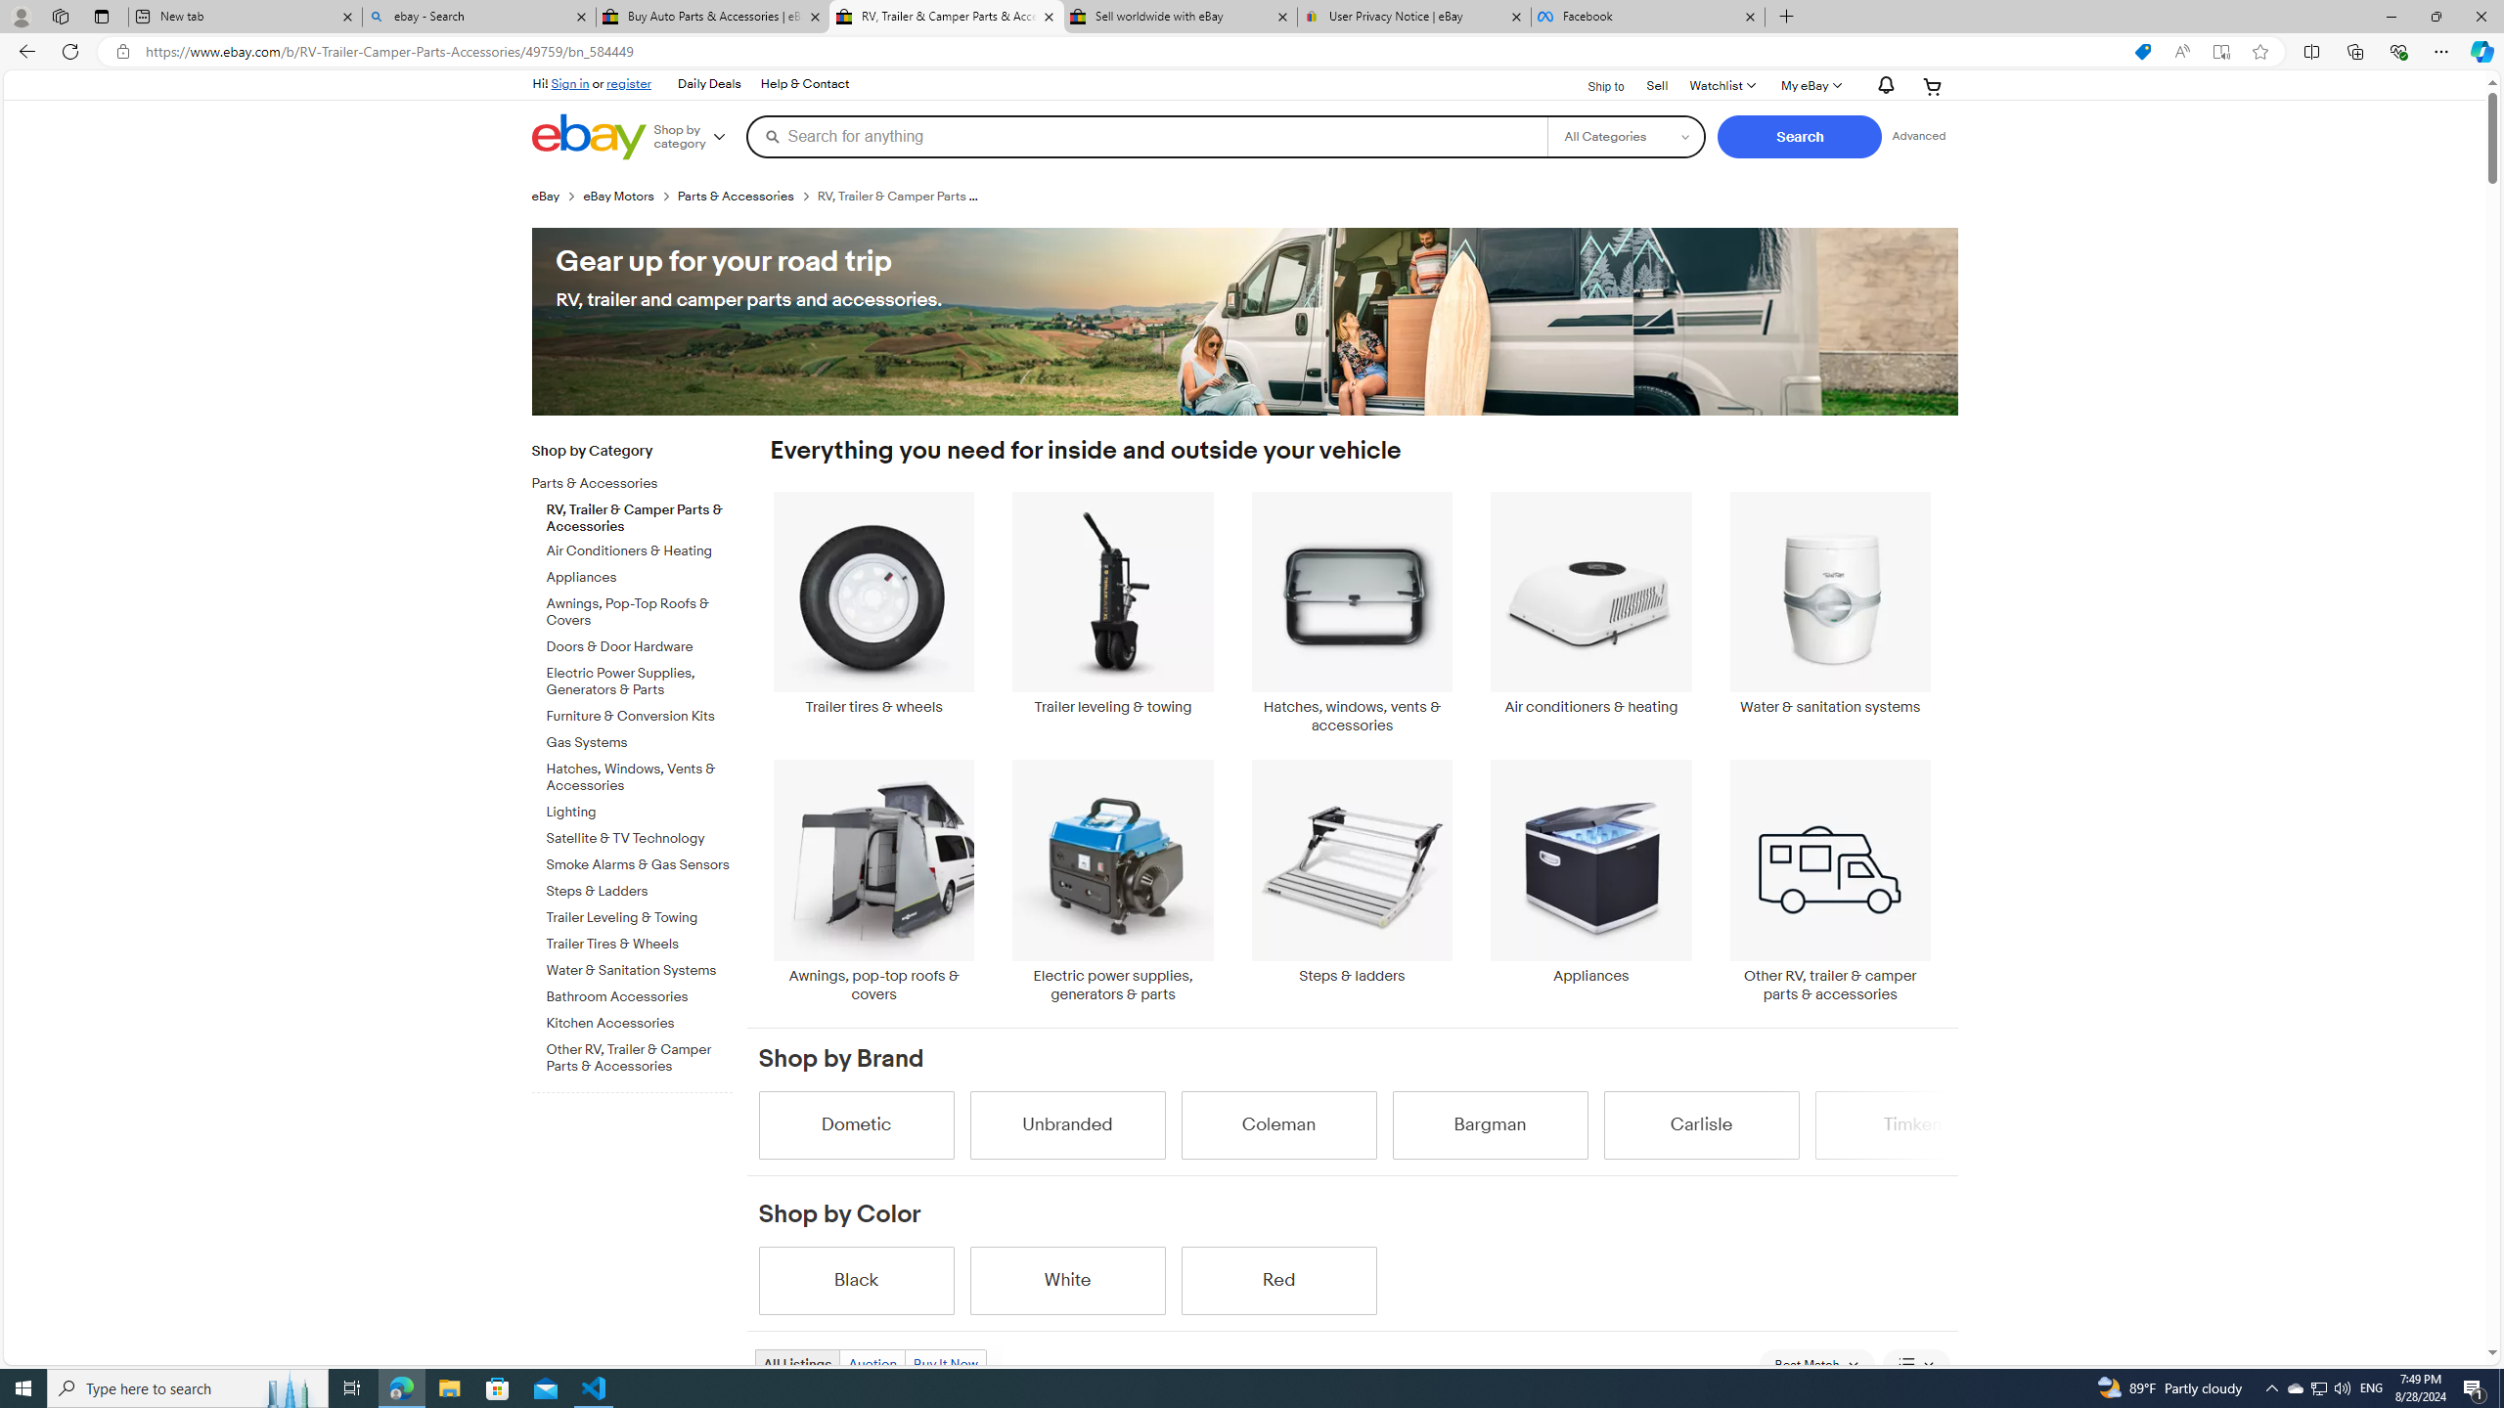 Image resolution: width=2504 pixels, height=1408 pixels. Describe the element at coordinates (639, 861) in the screenshot. I see `'Smoke Alarms & Gas Sensors'` at that location.